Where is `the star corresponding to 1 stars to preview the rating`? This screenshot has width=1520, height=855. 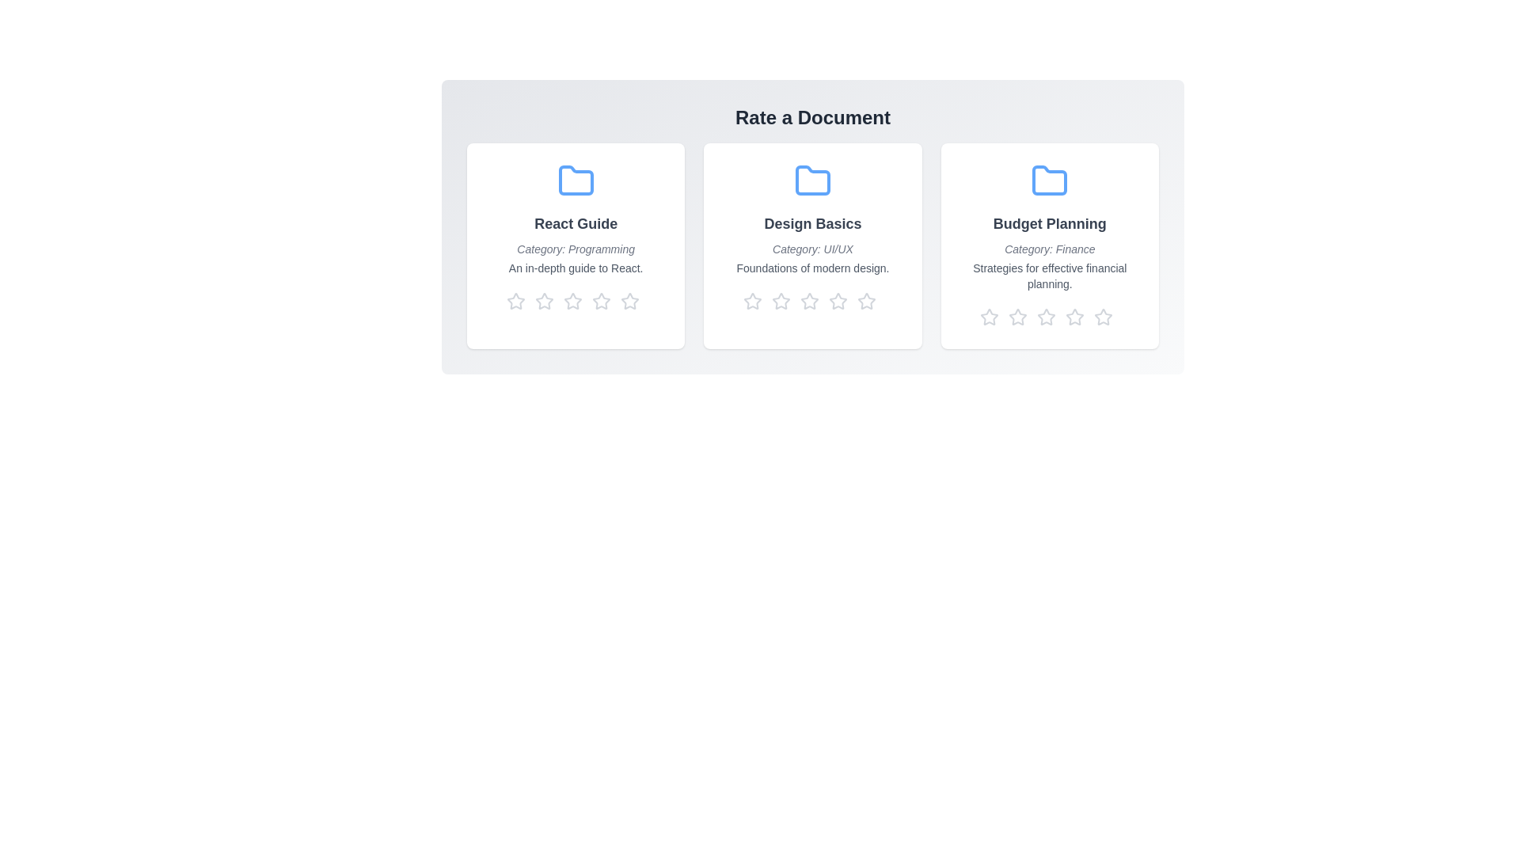
the star corresponding to 1 stars to preview the rating is located at coordinates (518, 302).